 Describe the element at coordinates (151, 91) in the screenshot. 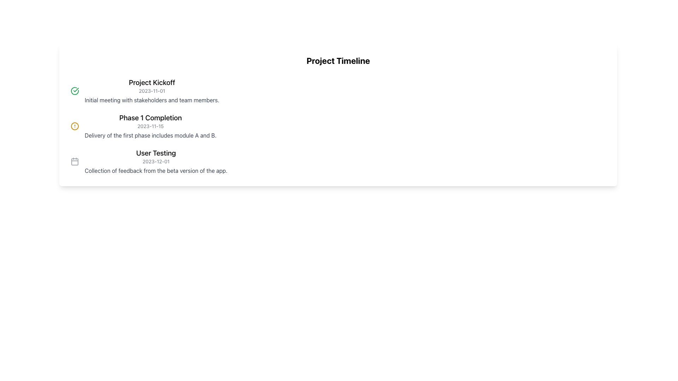

I see `event information from the first Display Card located under the heading 'Project Timeline' in the upper-middle area of the page` at that location.